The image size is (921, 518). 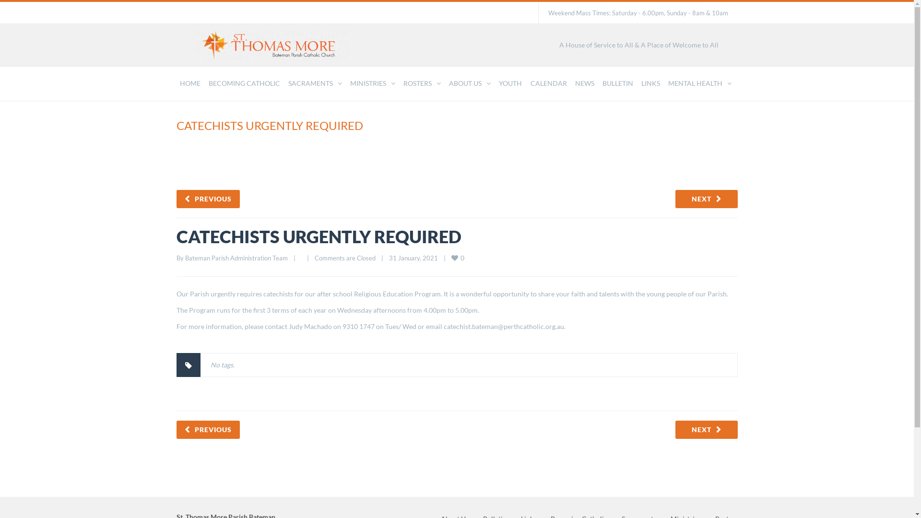 What do you see at coordinates (207, 199) in the screenshot?
I see `'PREVIOUS'` at bounding box center [207, 199].